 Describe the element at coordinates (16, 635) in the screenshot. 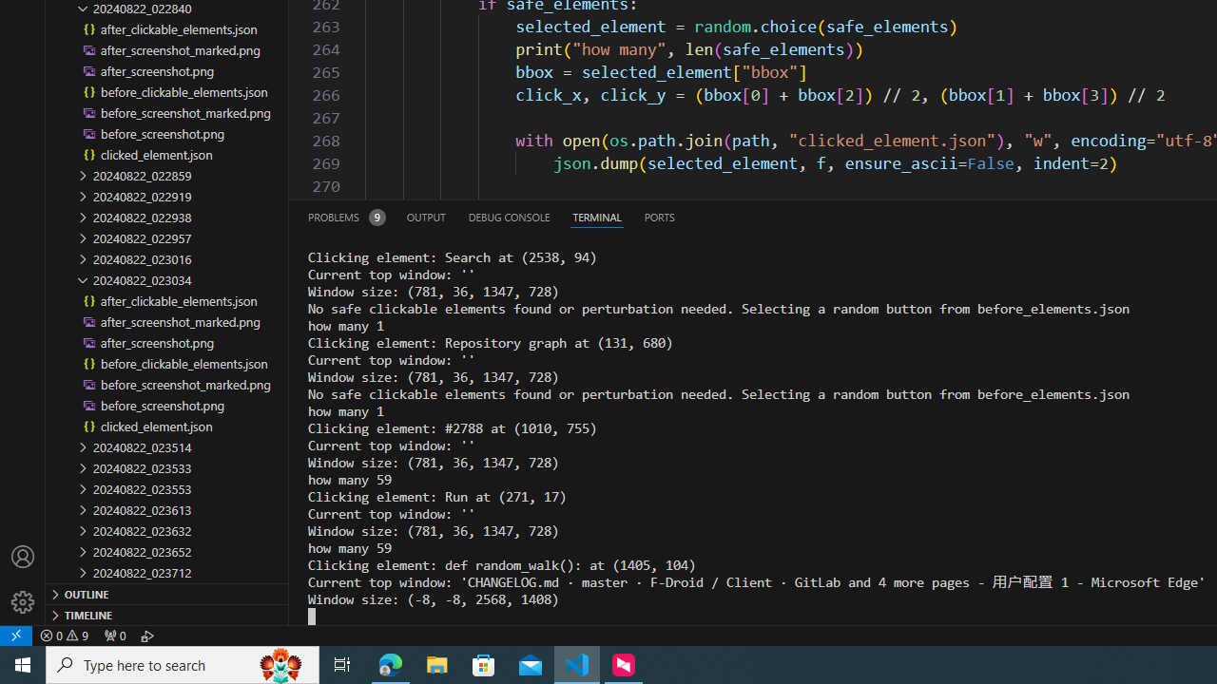

I see `'remote'` at that location.